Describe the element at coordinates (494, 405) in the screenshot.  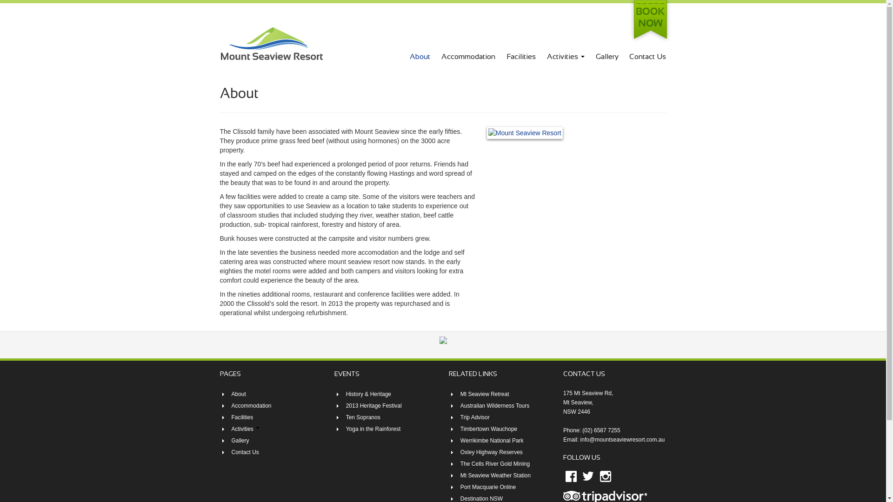
I see `'Australian Wilderness Tours'` at that location.